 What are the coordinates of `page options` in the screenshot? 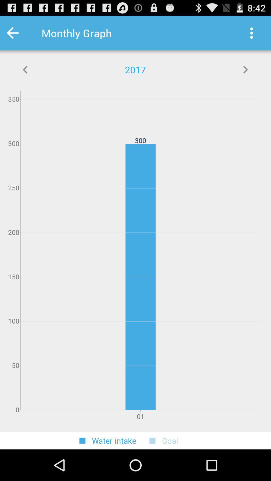 It's located at (251, 33).